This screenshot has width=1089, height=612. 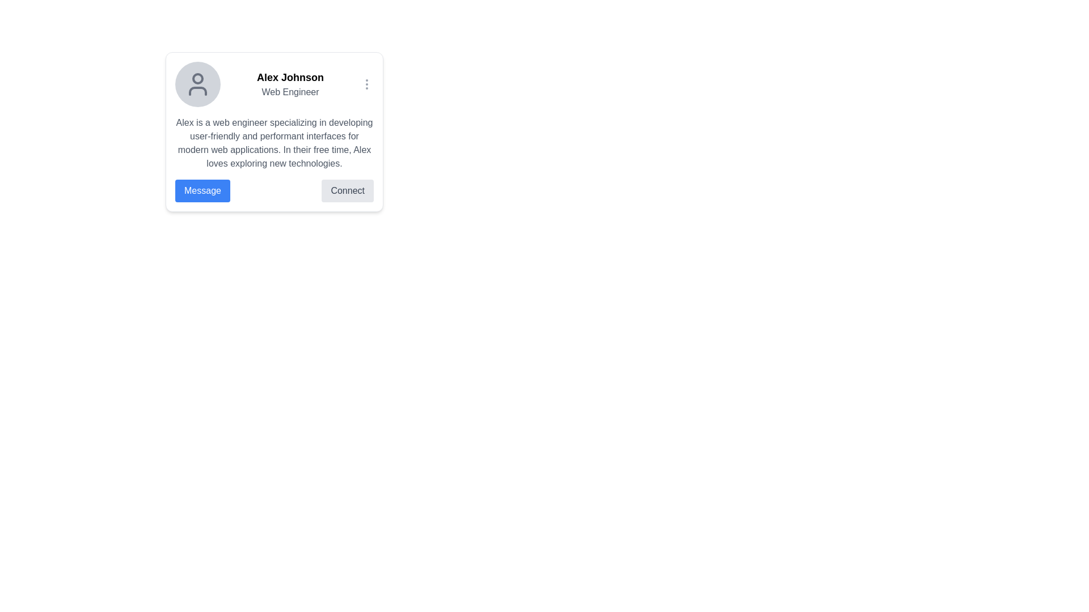 I want to click on the button intended for initiating a connection with the user, located to the right of the 'Message' button within the user profile card layout, so click(x=347, y=190).